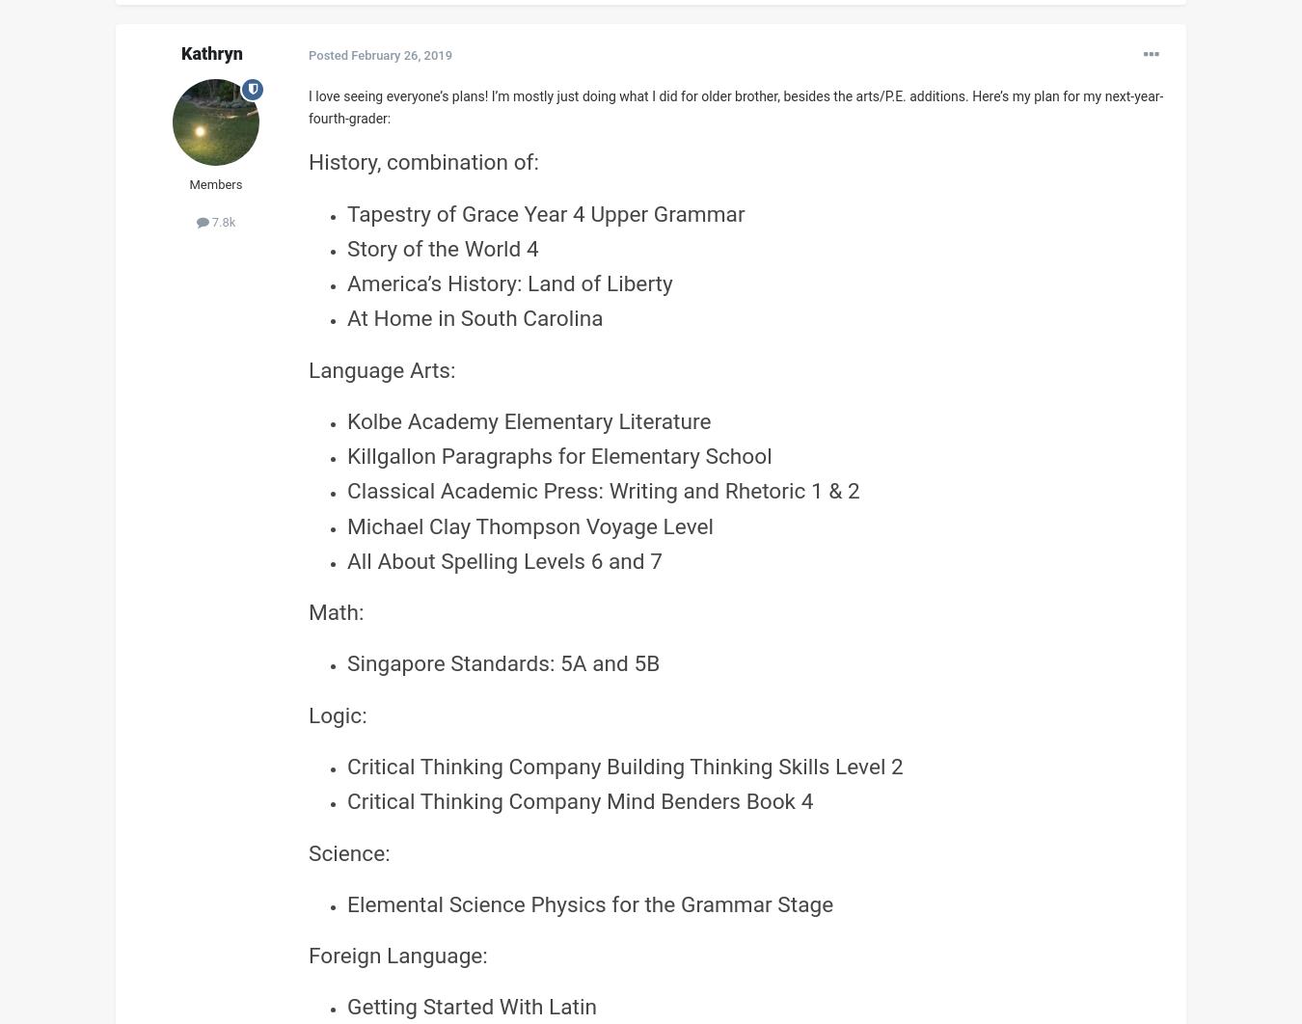  Describe the element at coordinates (474, 317) in the screenshot. I see `'At Home in South Carolina'` at that location.